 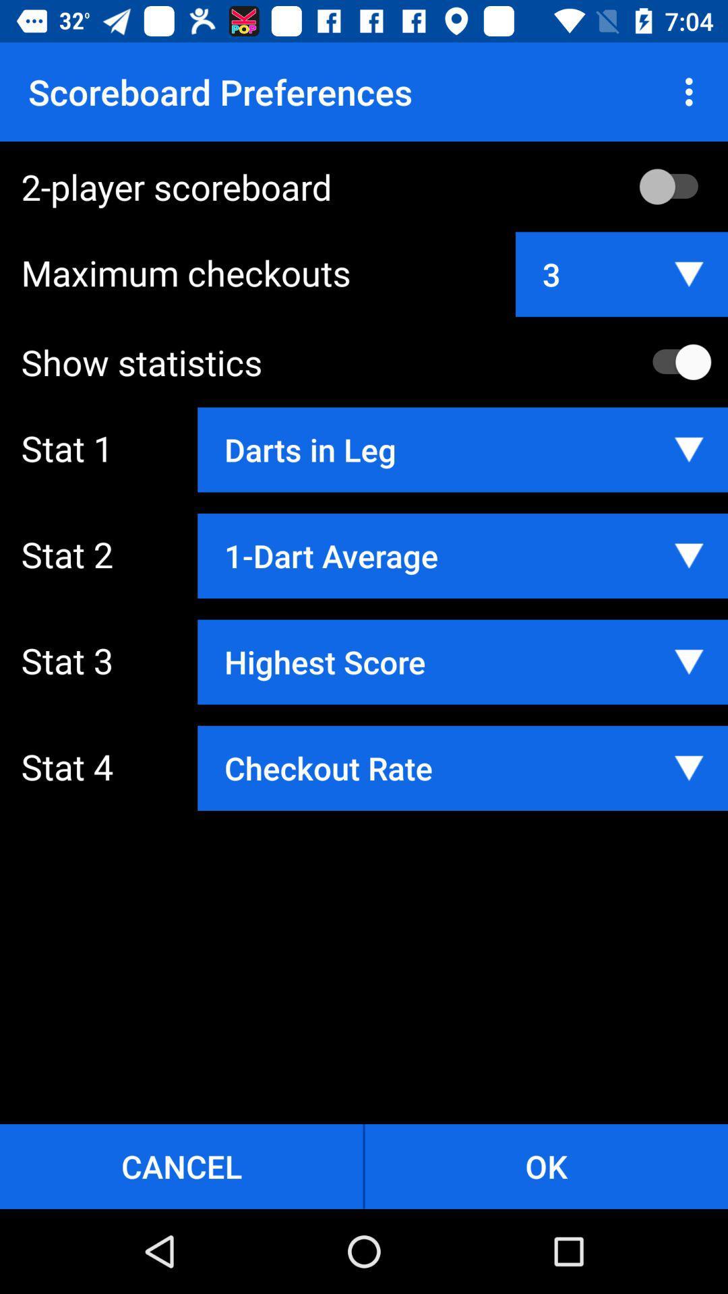 What do you see at coordinates (181, 1166) in the screenshot?
I see `the button next to ok` at bounding box center [181, 1166].